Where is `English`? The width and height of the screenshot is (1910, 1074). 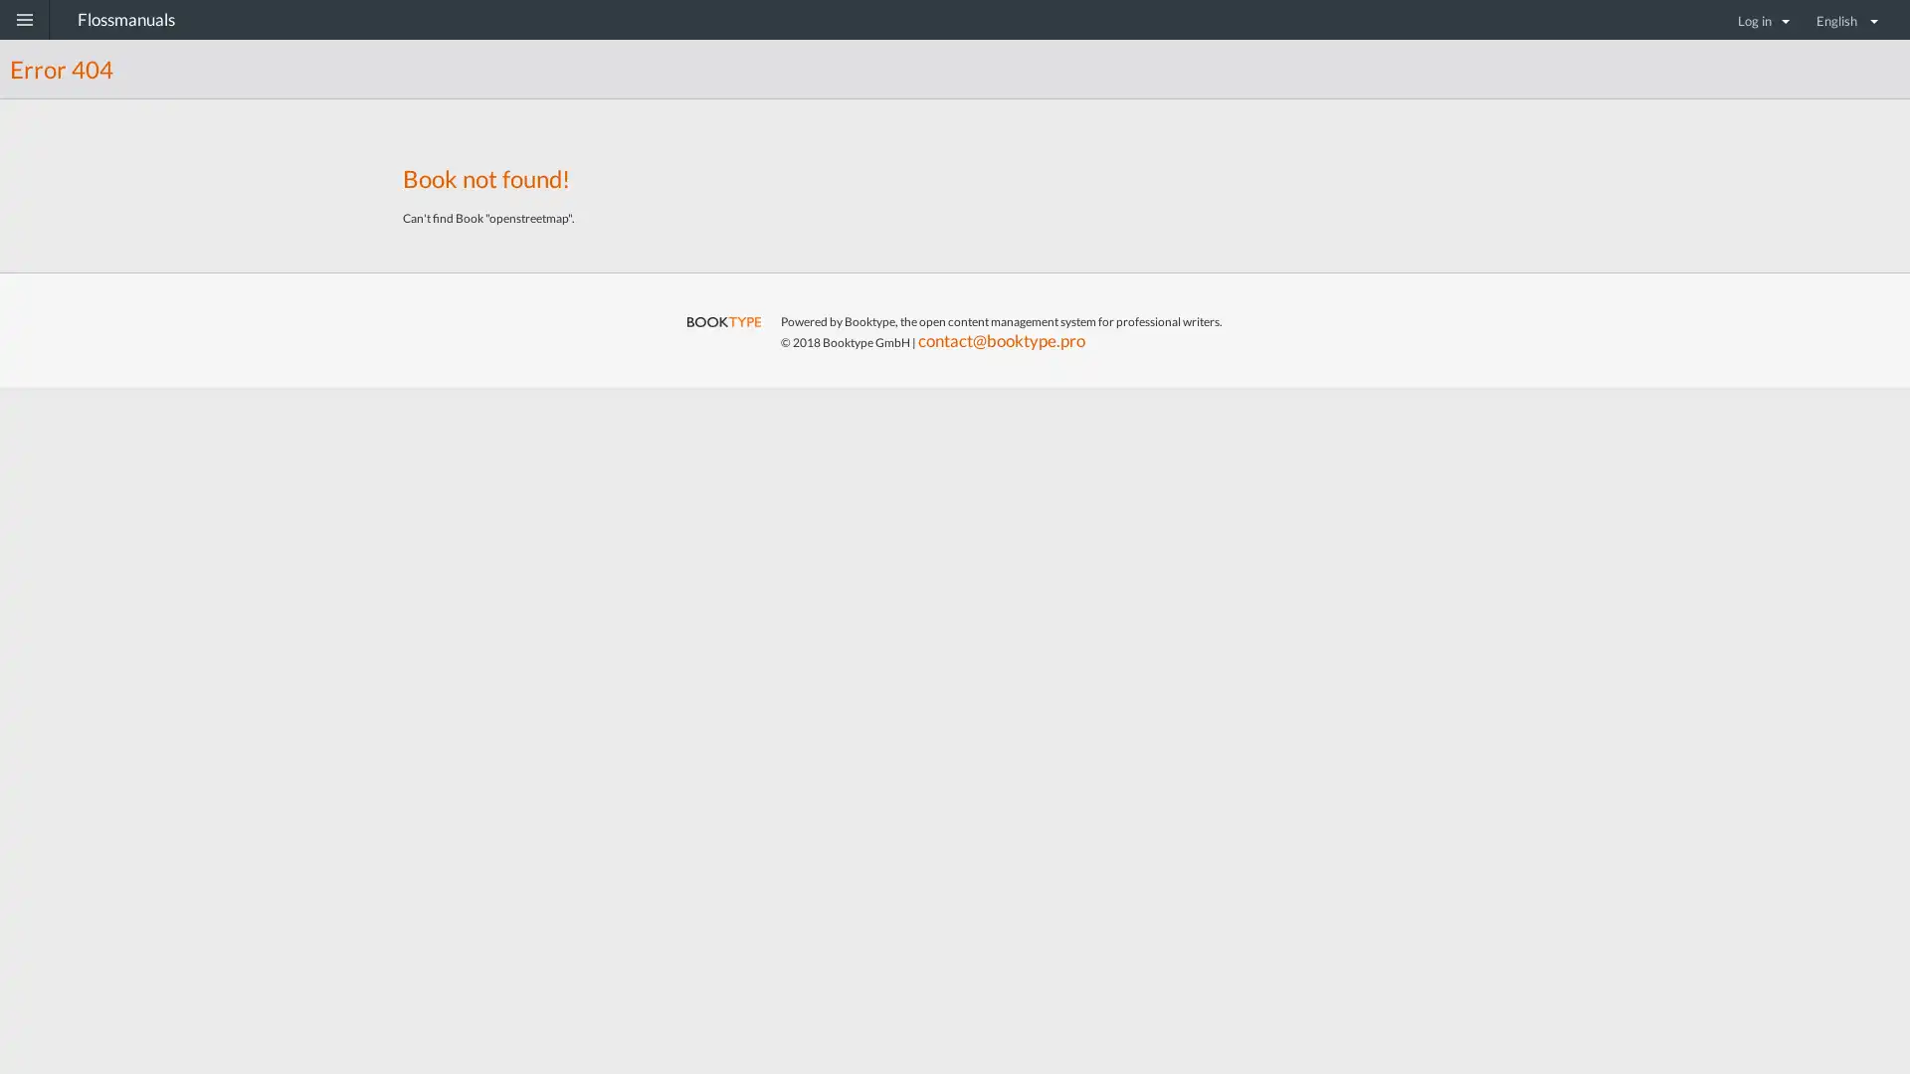 English is located at coordinates (1846, 20).